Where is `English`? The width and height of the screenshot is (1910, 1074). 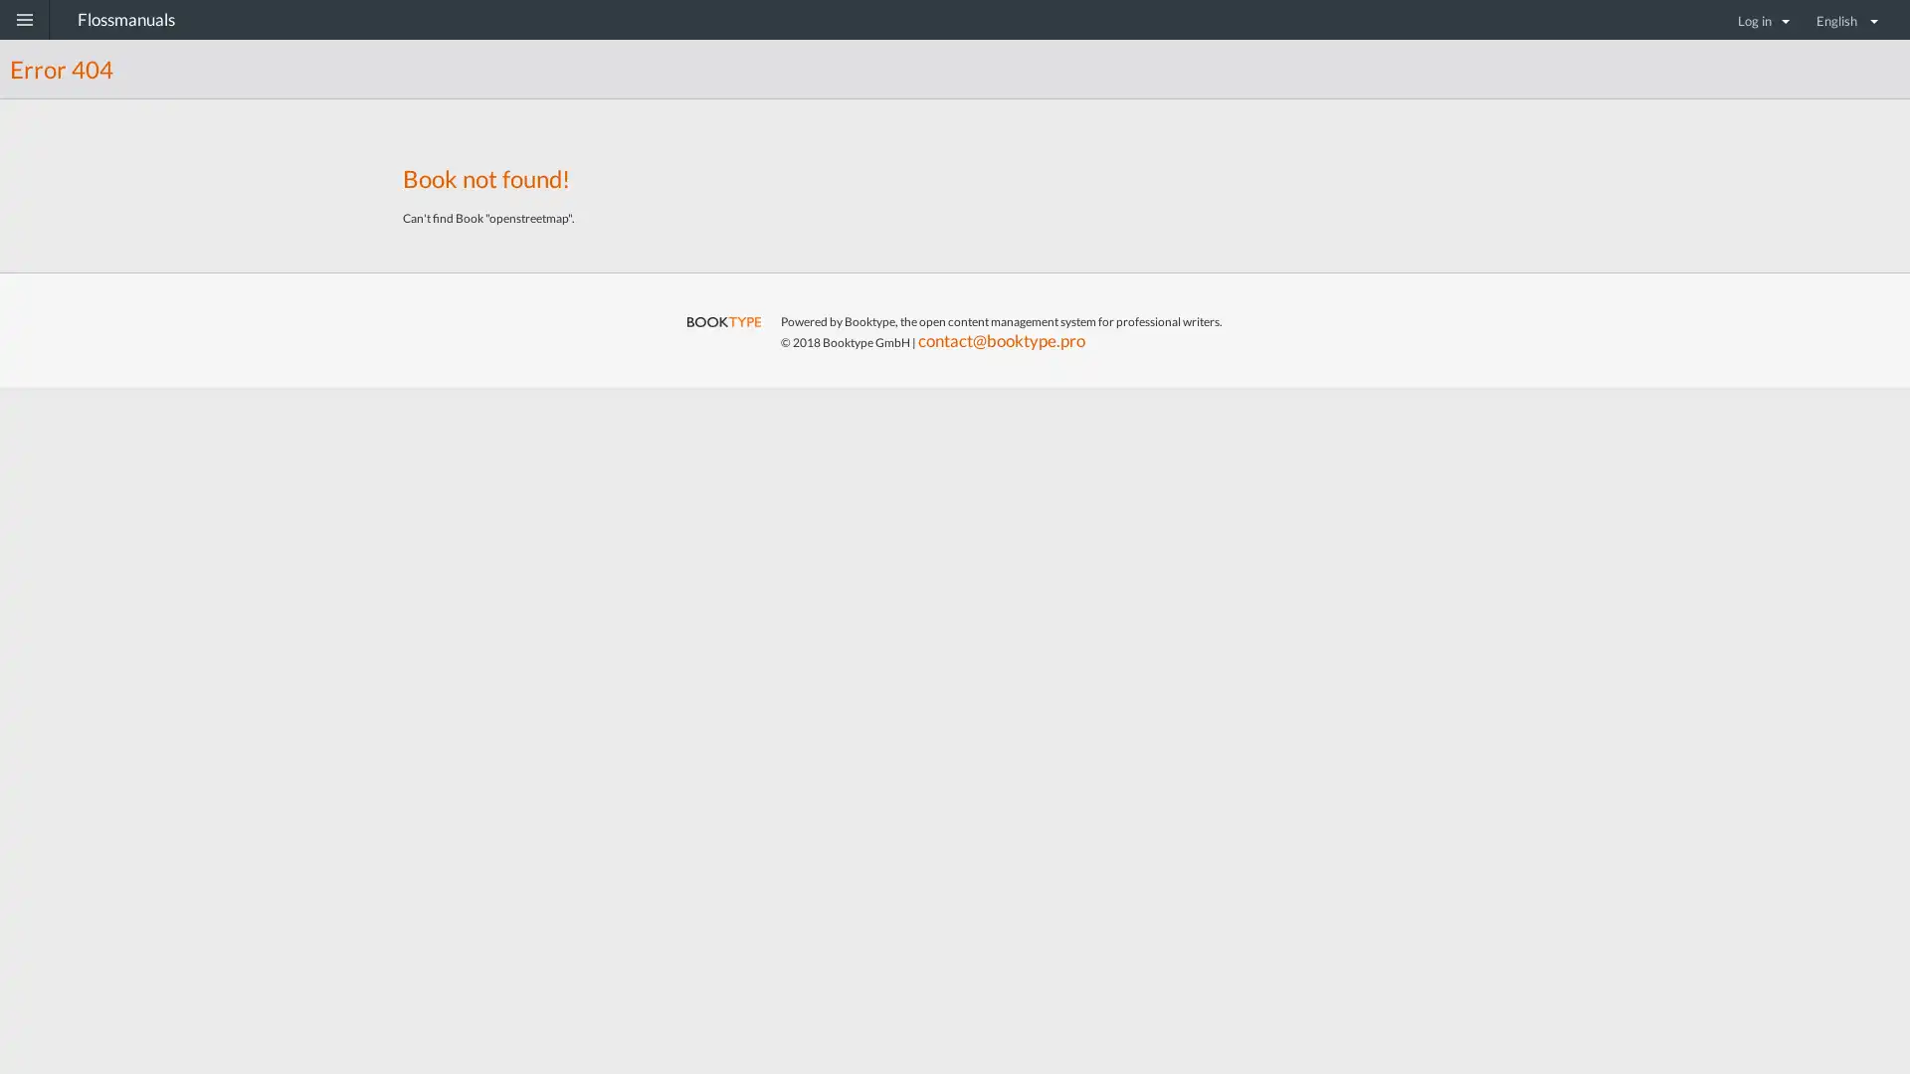 English is located at coordinates (1846, 20).